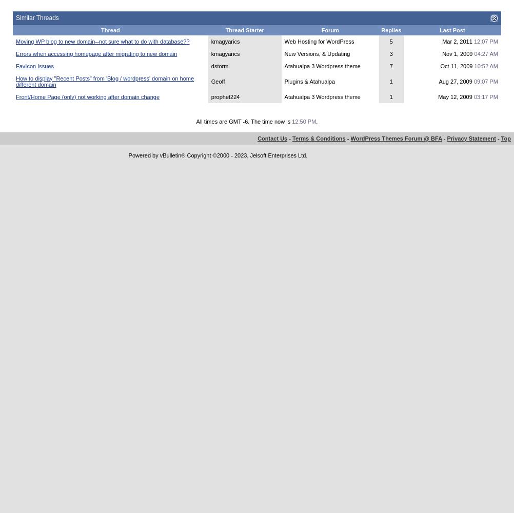  What do you see at coordinates (319, 41) in the screenshot?
I see `'Web Hosting for WordPress'` at bounding box center [319, 41].